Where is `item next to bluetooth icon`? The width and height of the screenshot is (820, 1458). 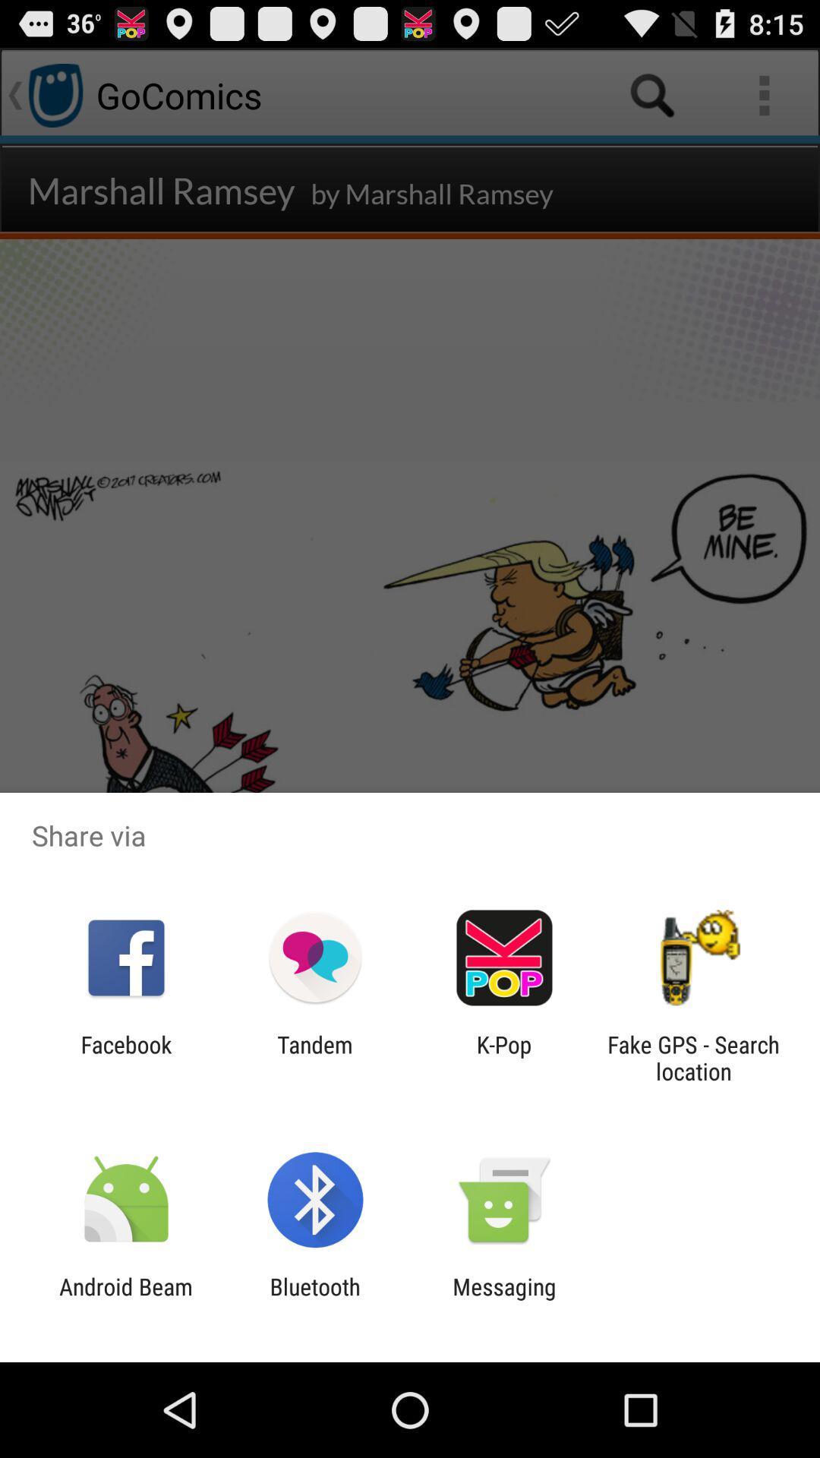
item next to bluetooth icon is located at coordinates (125, 1299).